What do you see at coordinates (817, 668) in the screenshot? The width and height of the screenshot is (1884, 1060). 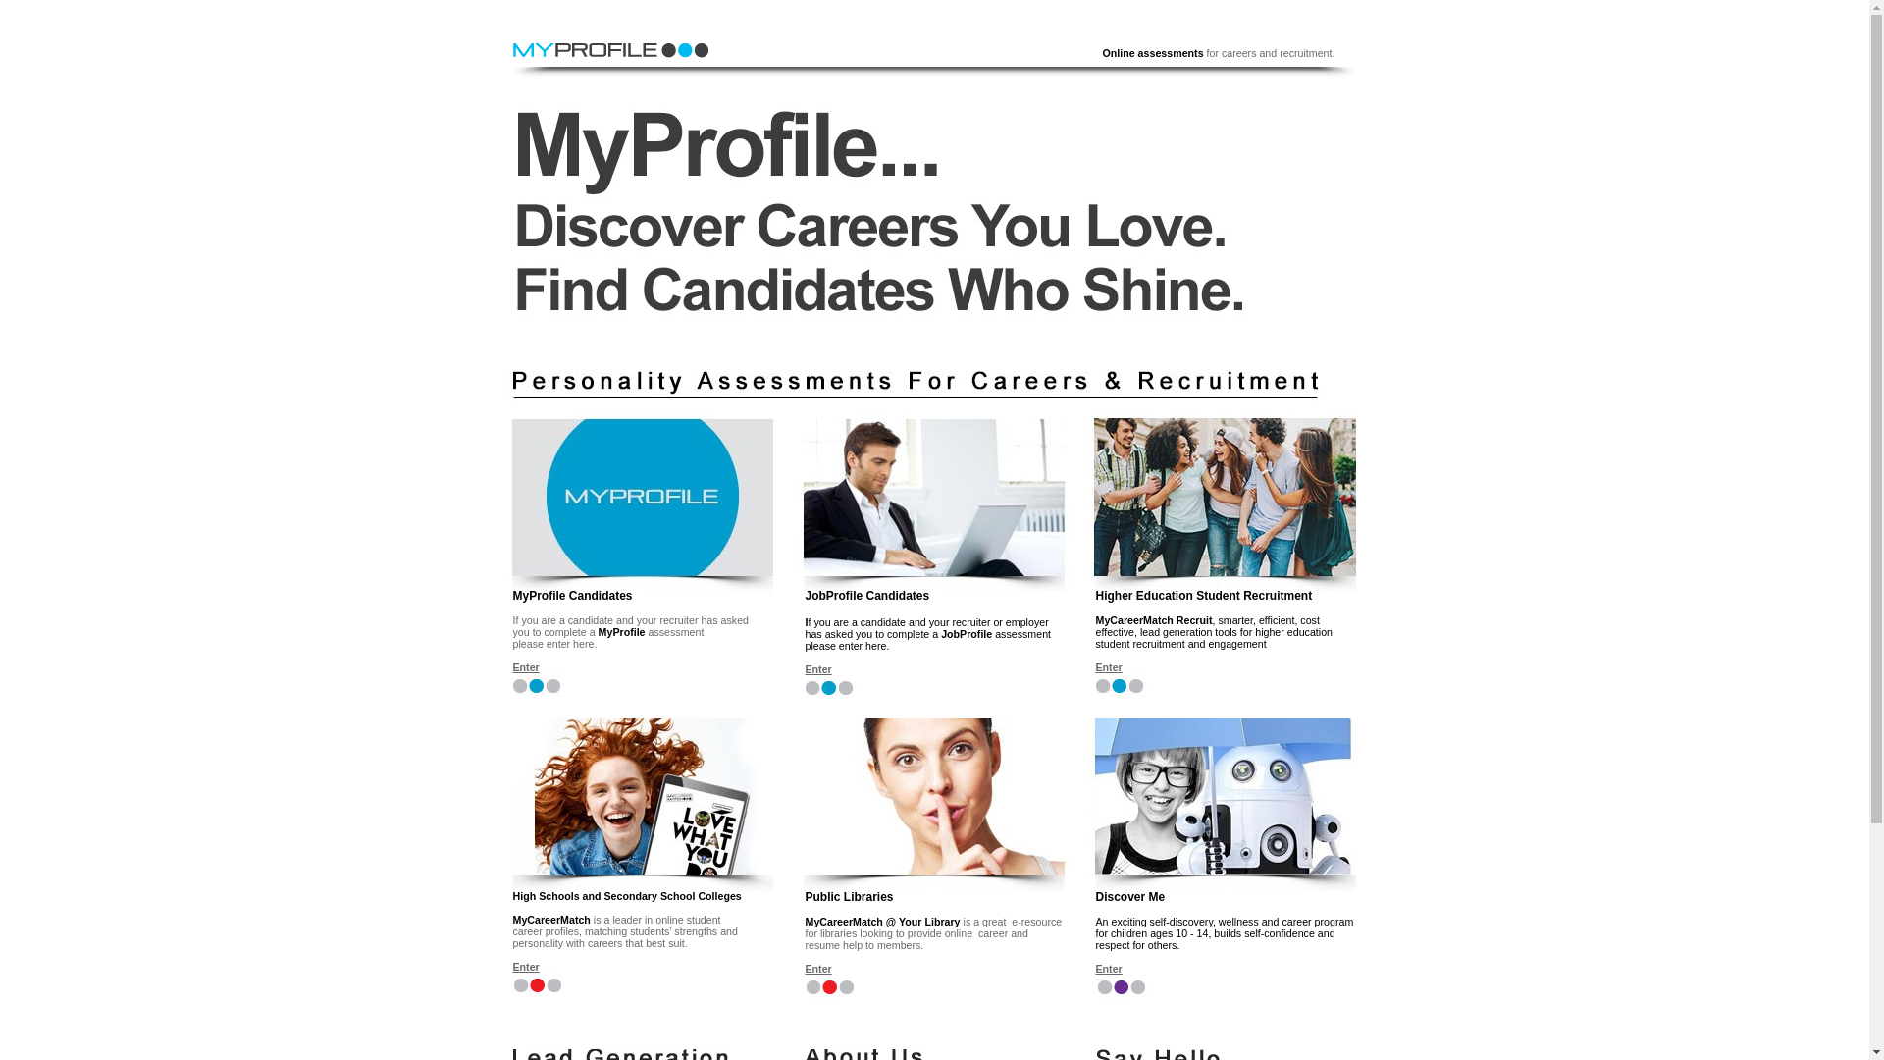 I see `'Enter'` at bounding box center [817, 668].